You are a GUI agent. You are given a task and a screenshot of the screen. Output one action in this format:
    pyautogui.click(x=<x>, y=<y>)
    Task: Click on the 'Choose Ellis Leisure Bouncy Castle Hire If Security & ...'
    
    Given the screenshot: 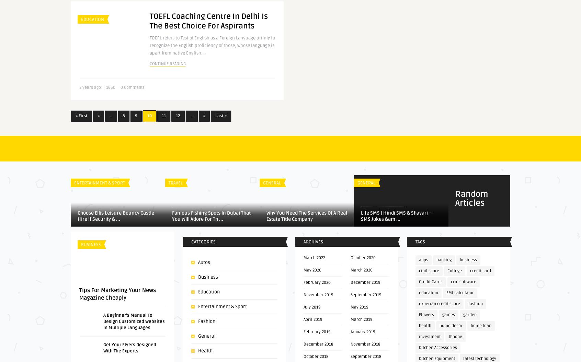 What is the action you would take?
    pyautogui.click(x=115, y=216)
    